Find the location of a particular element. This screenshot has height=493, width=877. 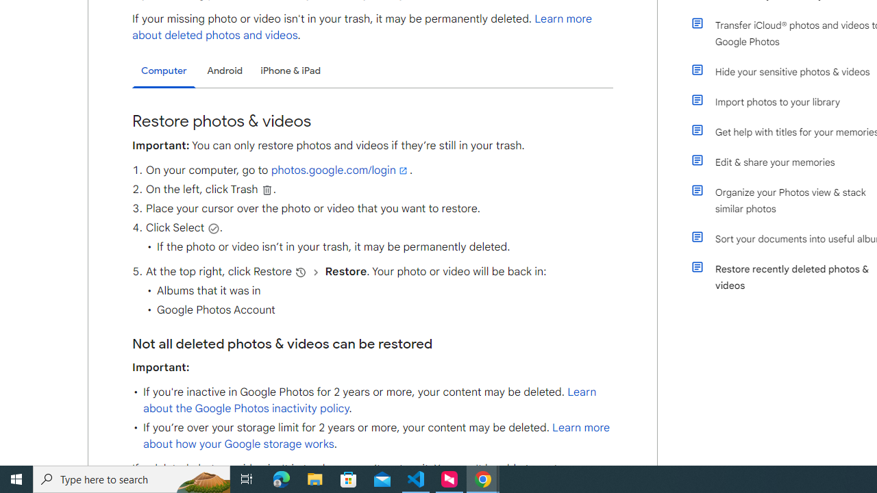

'Learn about the Google Photos inactivity policy' is located at coordinates (369, 401).